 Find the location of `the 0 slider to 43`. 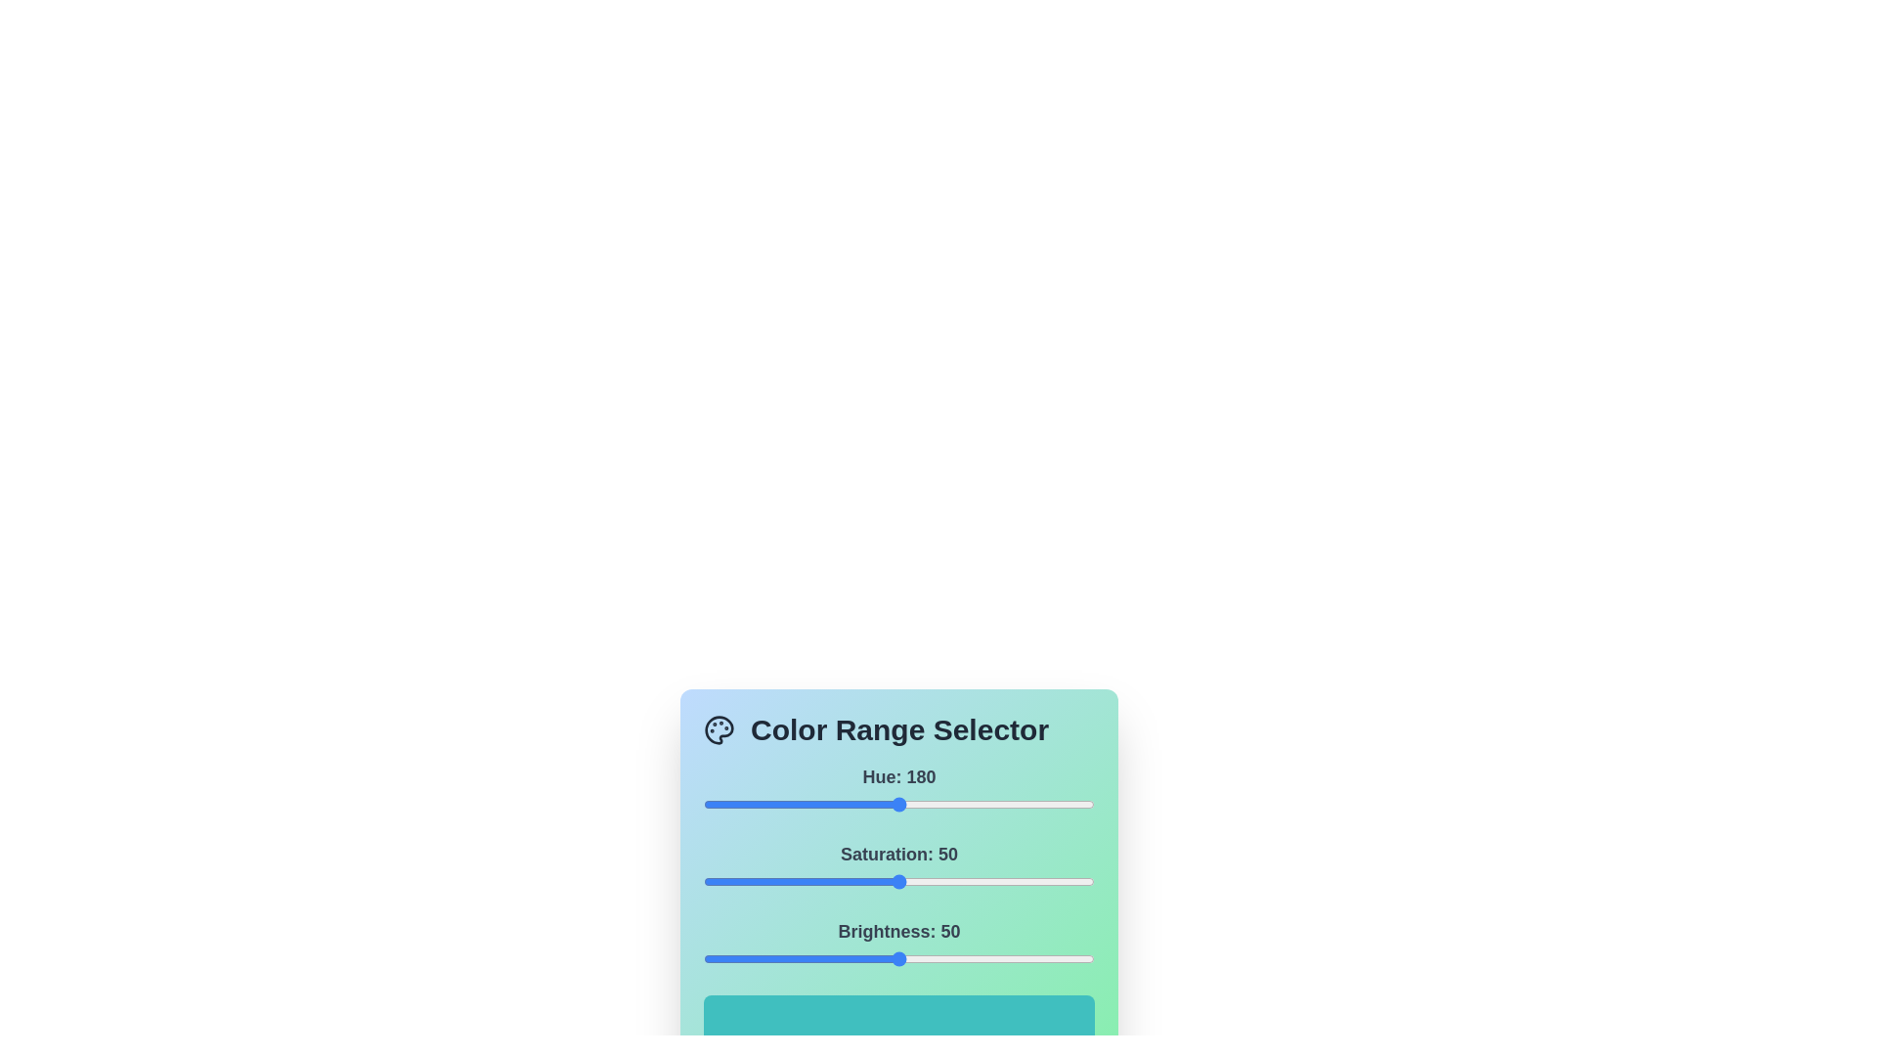

the 0 slider to 43 is located at coordinates (749, 804).